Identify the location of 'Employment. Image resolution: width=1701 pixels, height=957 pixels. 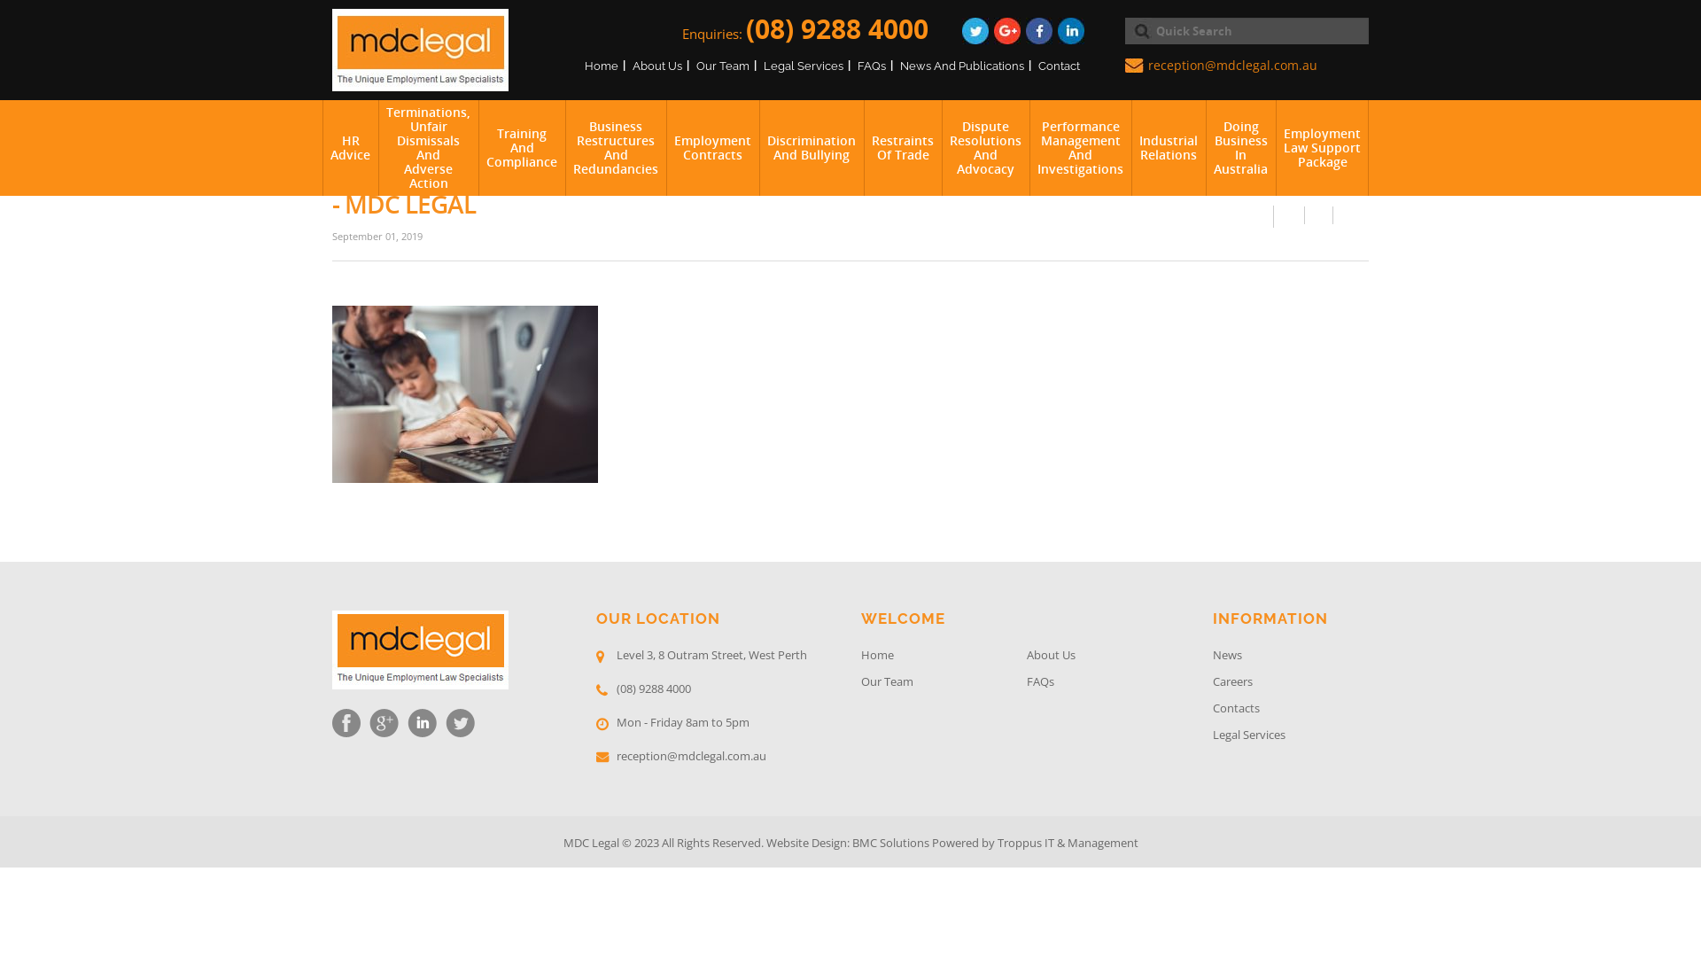
(1276, 146).